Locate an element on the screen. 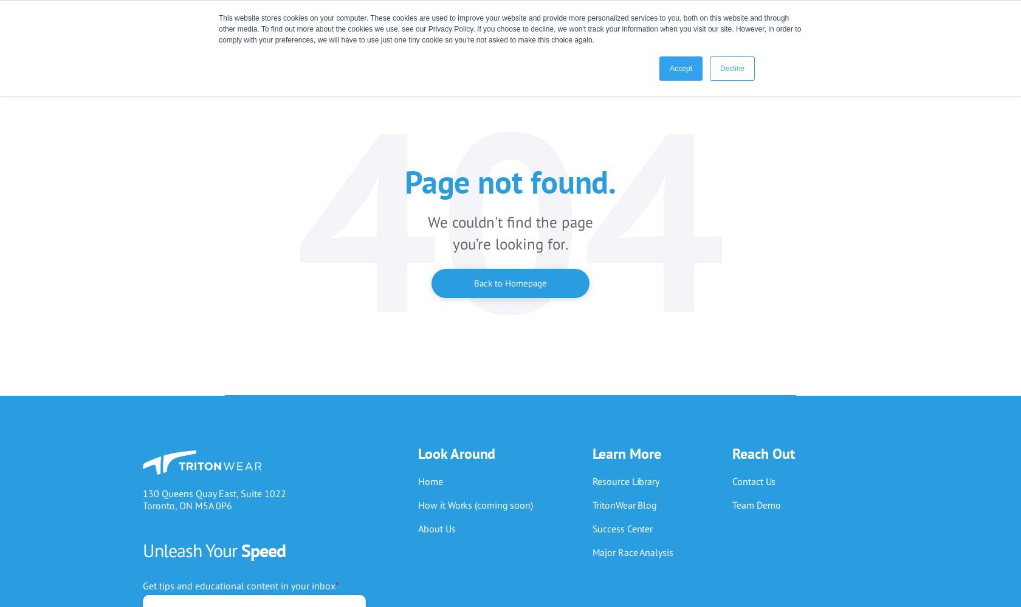 This screenshot has height=607, width=1021. 'The TritonWear Blog' is located at coordinates (655, 79).